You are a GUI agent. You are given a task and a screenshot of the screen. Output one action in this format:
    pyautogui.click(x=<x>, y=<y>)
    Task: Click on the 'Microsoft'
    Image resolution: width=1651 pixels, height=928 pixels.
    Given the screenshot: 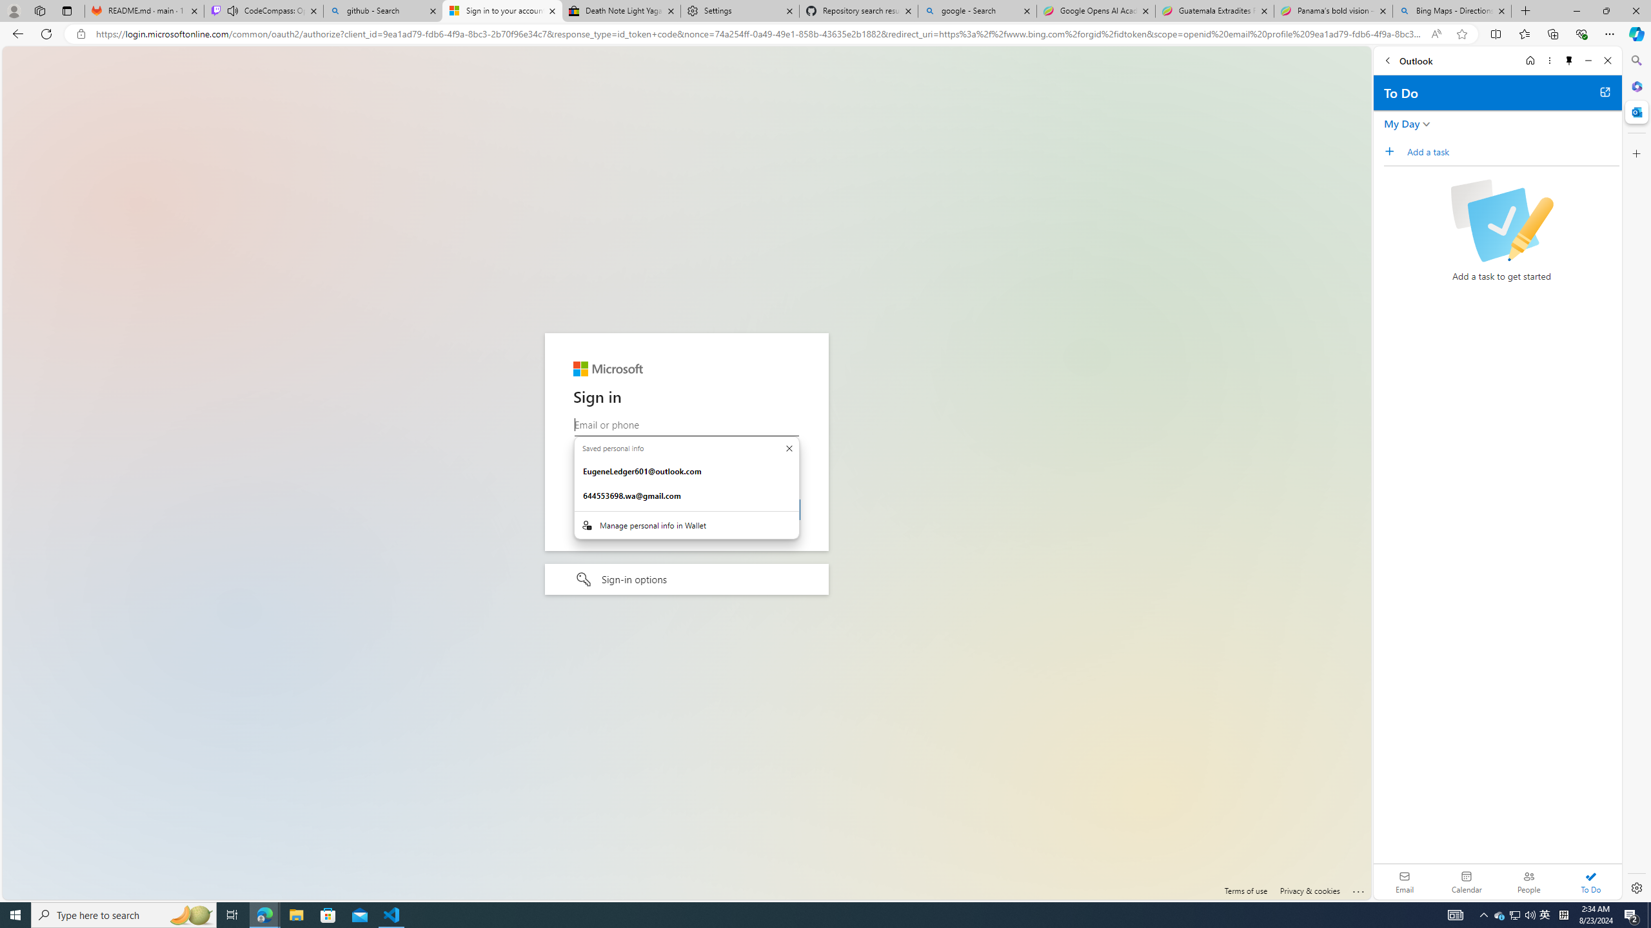 What is the action you would take?
    pyautogui.click(x=607, y=369)
    